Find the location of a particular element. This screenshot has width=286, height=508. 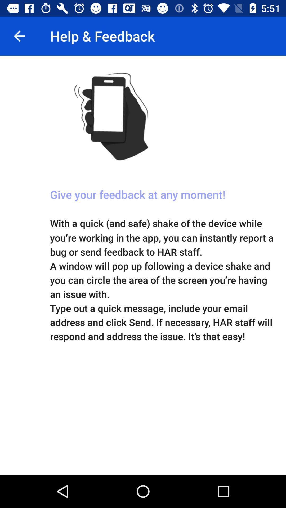

app next to the help & feedback item is located at coordinates (19, 36).